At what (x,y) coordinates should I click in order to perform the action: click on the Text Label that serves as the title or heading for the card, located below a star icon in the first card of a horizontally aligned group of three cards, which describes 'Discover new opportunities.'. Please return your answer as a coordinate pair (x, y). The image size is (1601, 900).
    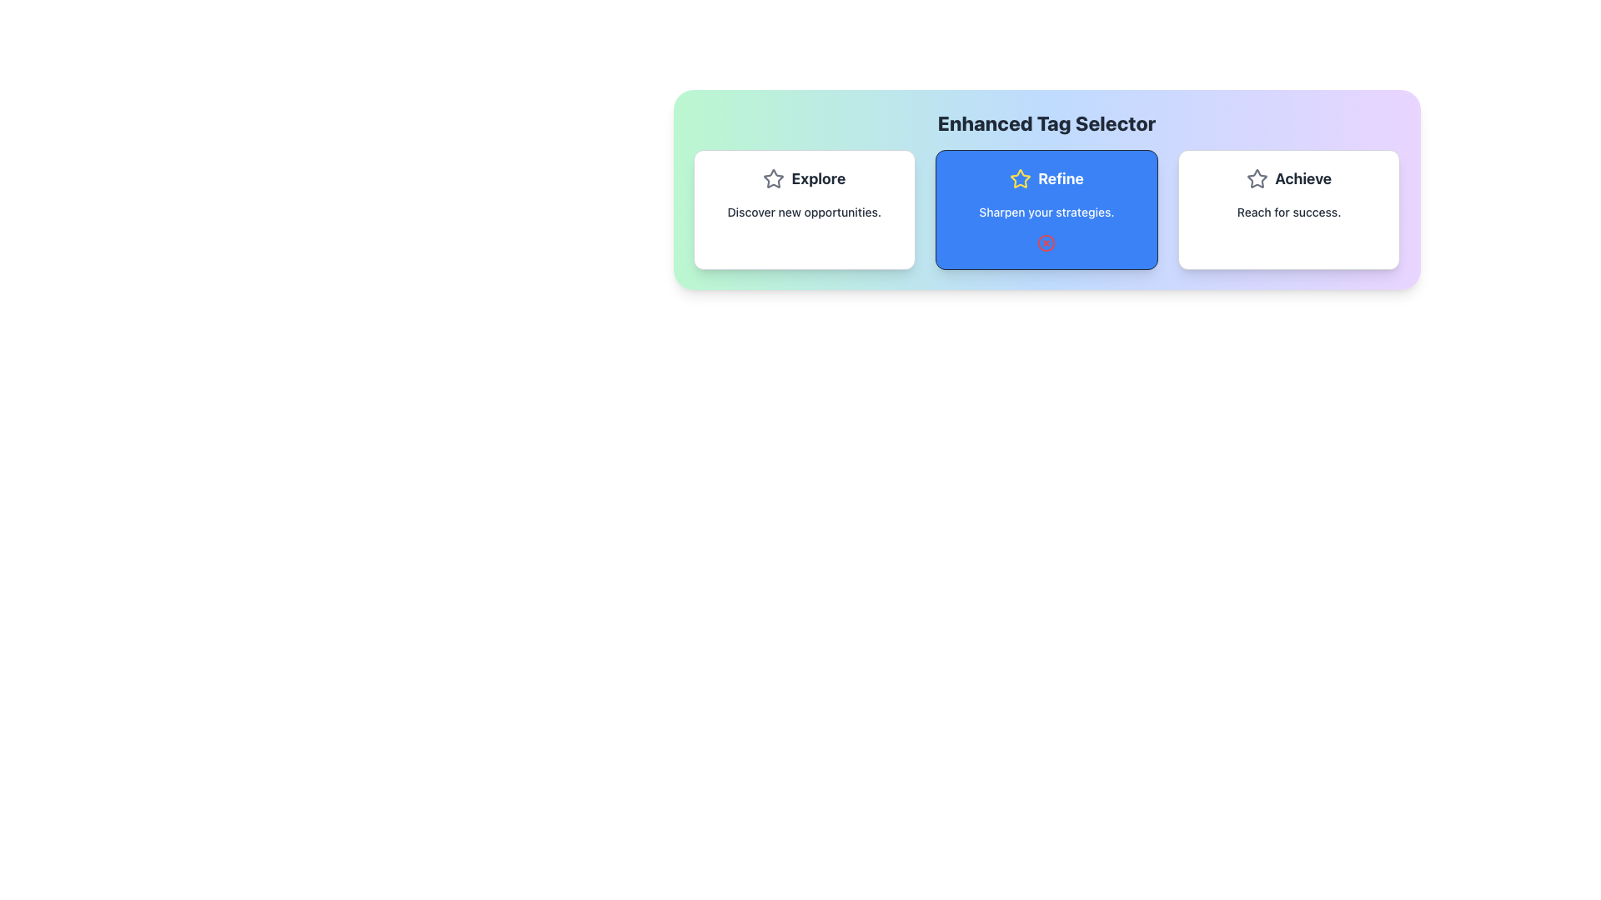
    Looking at the image, I should click on (818, 179).